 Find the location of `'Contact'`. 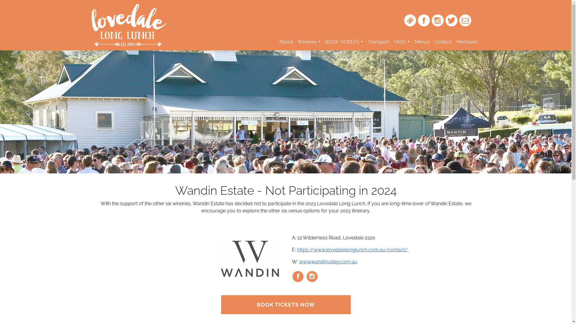

'Contact' is located at coordinates (443, 41).